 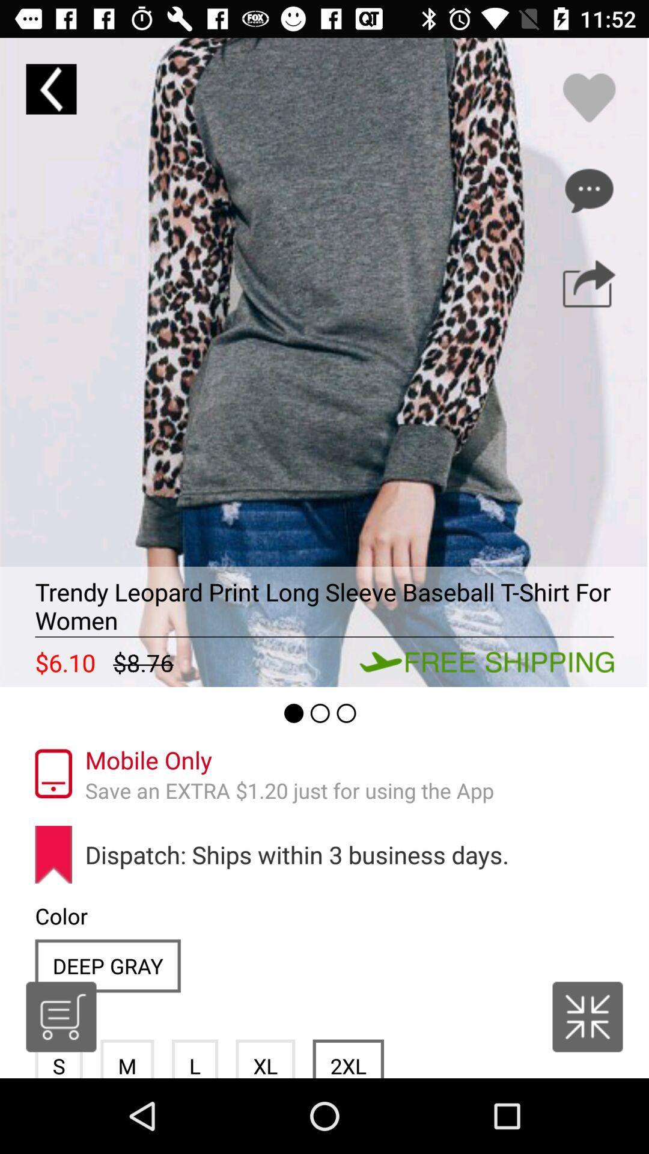 What do you see at coordinates (588, 283) in the screenshot?
I see `share this product` at bounding box center [588, 283].